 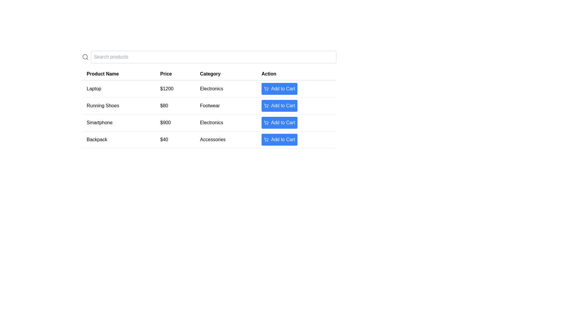 I want to click on the visual cue of the shopping cart icon, which is the central shape in the SVG representing the action of adding a product to the cart, located to the left of the 'Add to Cart' text in the third row of the table, so click(x=266, y=122).